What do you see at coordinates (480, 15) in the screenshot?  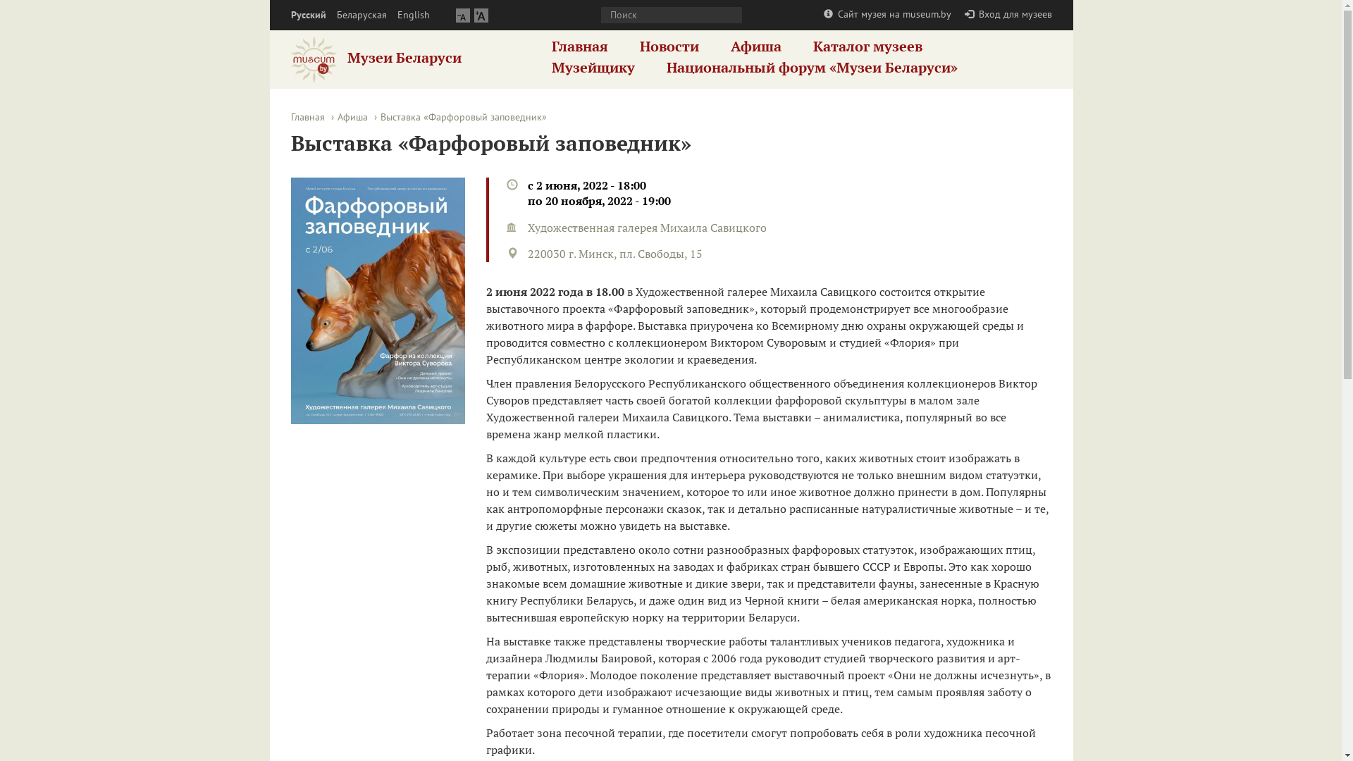 I see `'A'` at bounding box center [480, 15].